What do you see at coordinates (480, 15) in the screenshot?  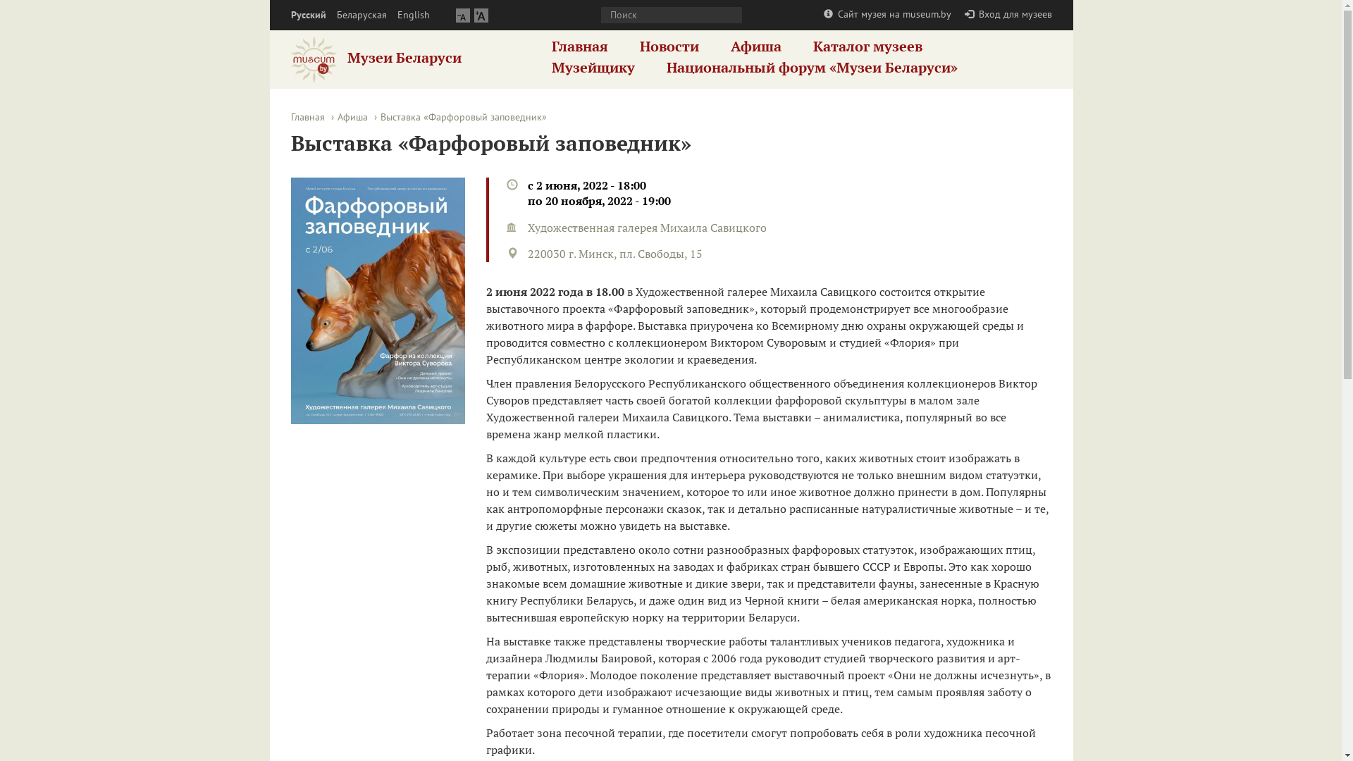 I see `'A'` at bounding box center [480, 15].